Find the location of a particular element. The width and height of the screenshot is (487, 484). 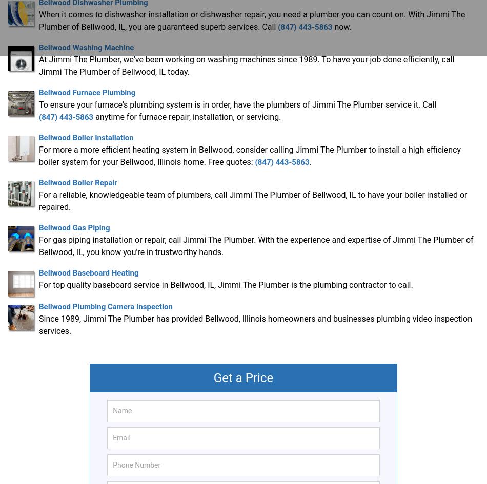

'Bellwood Boiler Installation' is located at coordinates (86, 137).